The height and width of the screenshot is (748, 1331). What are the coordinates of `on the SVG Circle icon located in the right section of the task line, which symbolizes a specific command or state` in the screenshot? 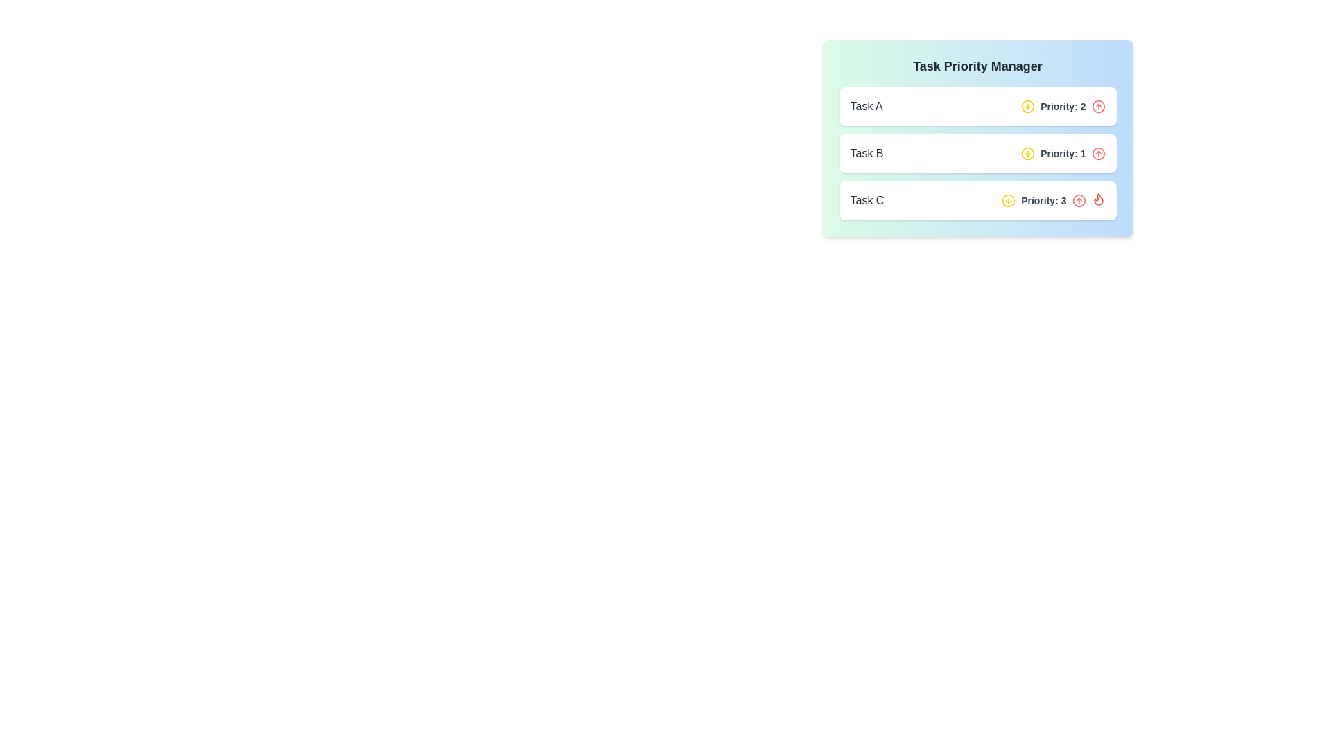 It's located at (1008, 200).